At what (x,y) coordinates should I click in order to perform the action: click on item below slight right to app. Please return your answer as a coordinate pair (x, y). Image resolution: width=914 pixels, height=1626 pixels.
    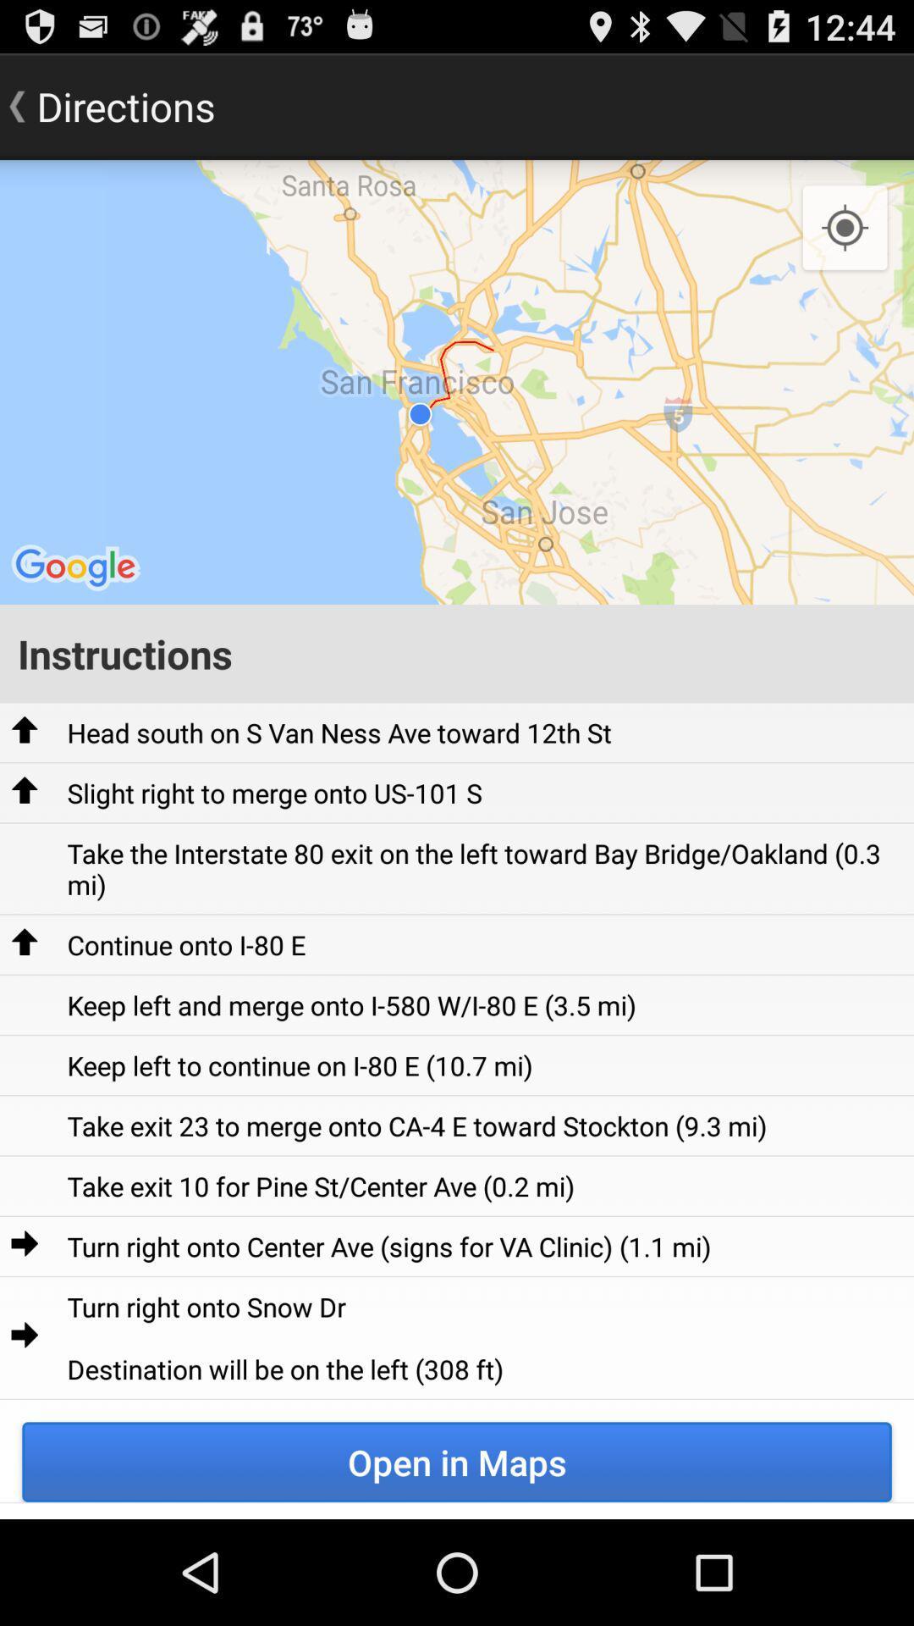
    Looking at the image, I should click on (485, 869).